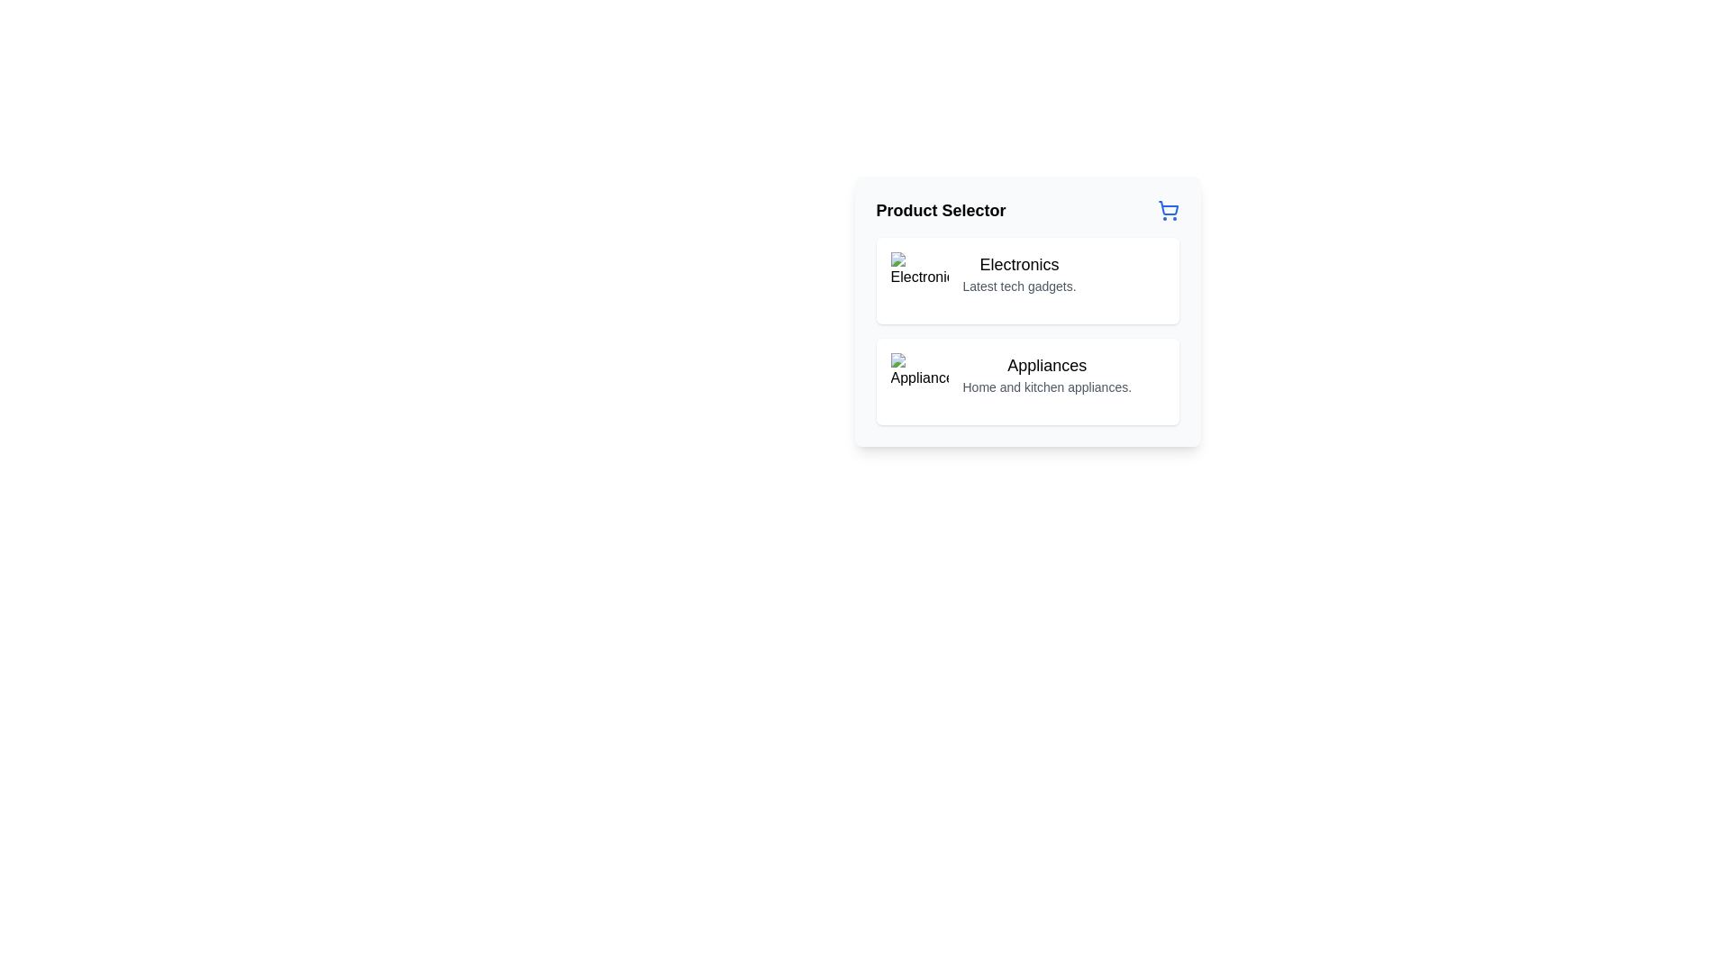 This screenshot has height=973, width=1730. Describe the element at coordinates (1047, 374) in the screenshot. I see `the selectable option label for the category 'Appliances', which includes a heading and subtext, located in the lower section of the vertically stacked group of option cards` at that location.